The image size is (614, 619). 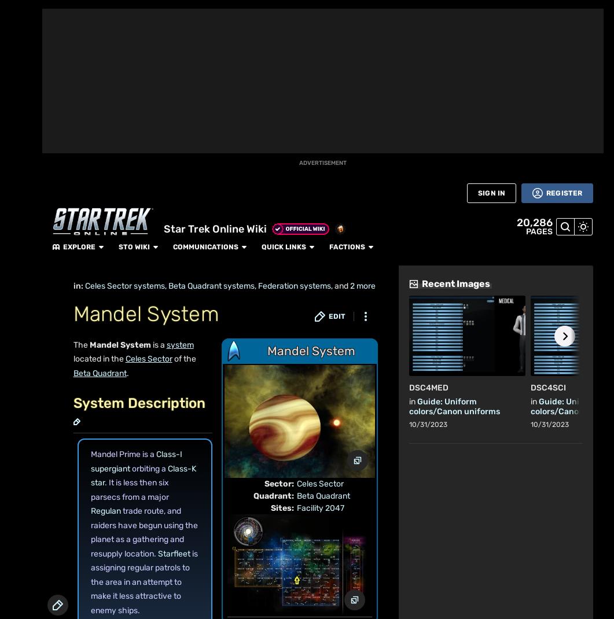 I want to click on 'Infinity Prize Pack - T6 Ship', so click(x=498, y=56).